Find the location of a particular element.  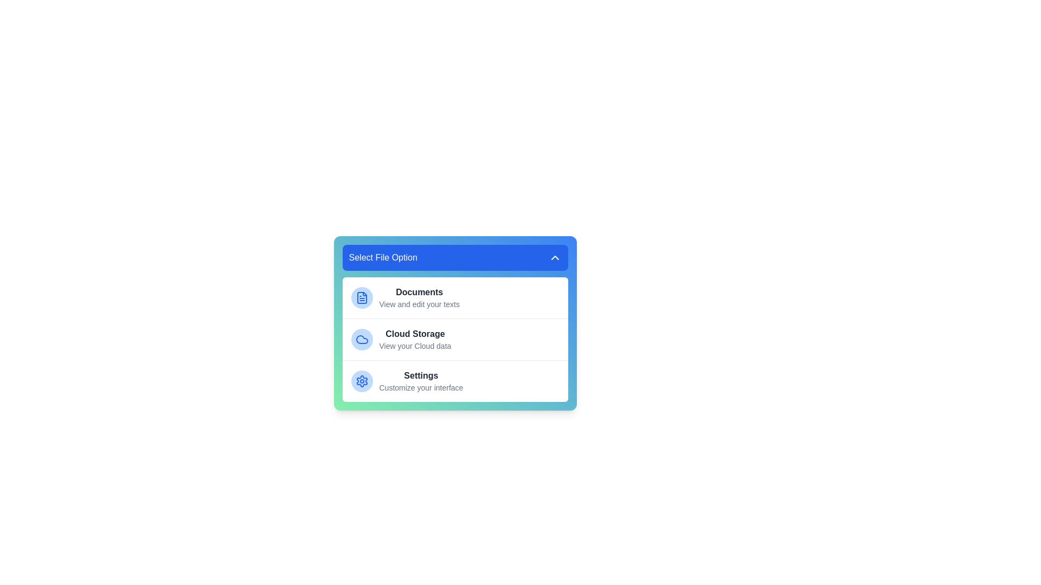

the small-sized gray text label reading 'View and edit your texts', which is located directly beneath the bolded title 'Documents' in the top section of a card-like menu is located at coordinates (419, 304).